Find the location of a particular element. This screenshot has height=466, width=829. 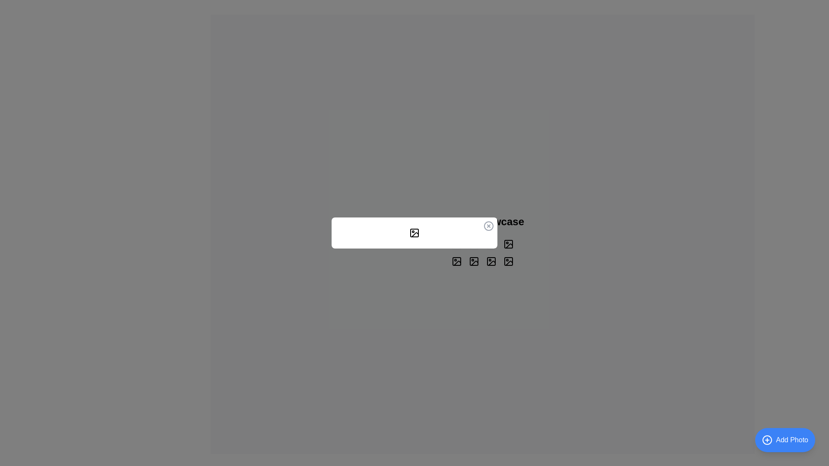

the photo upload button located at the bottom-right corner of the interface for customization purposes is located at coordinates (785, 440).